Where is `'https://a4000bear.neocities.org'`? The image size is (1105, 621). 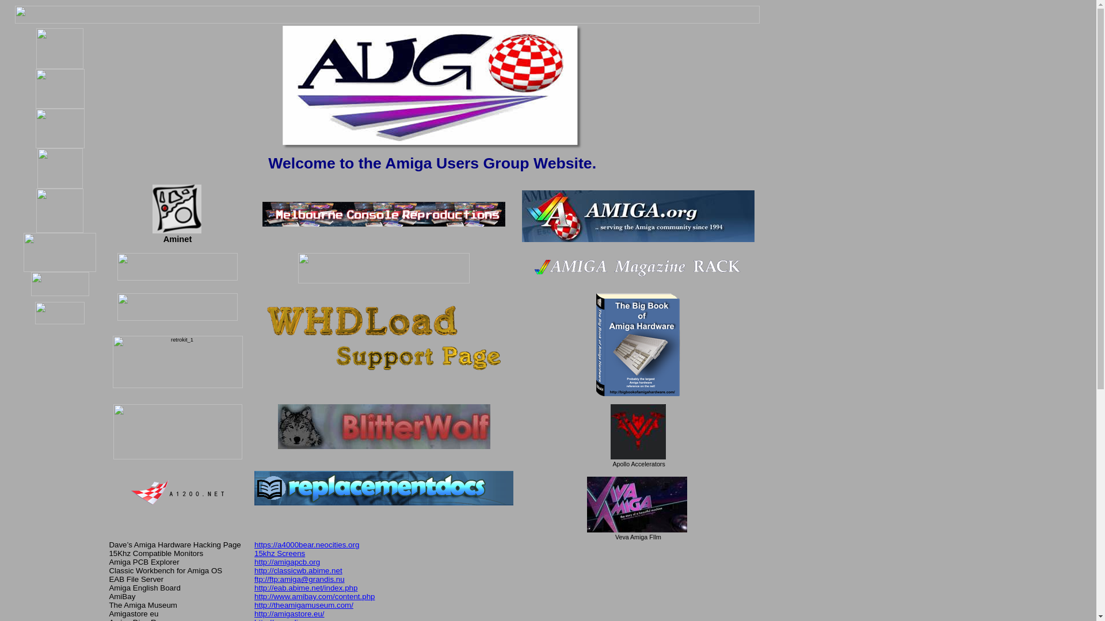 'https://a4000bear.neocities.org' is located at coordinates (306, 543).